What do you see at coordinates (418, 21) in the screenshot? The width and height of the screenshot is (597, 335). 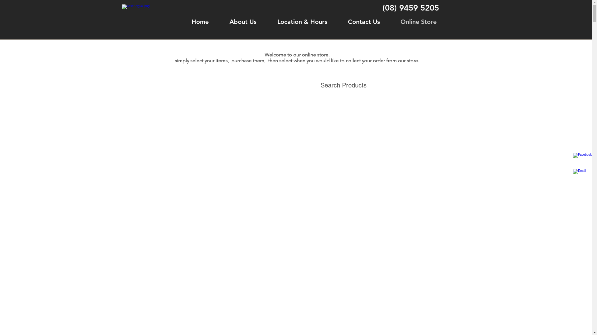 I see `'Online Store'` at bounding box center [418, 21].